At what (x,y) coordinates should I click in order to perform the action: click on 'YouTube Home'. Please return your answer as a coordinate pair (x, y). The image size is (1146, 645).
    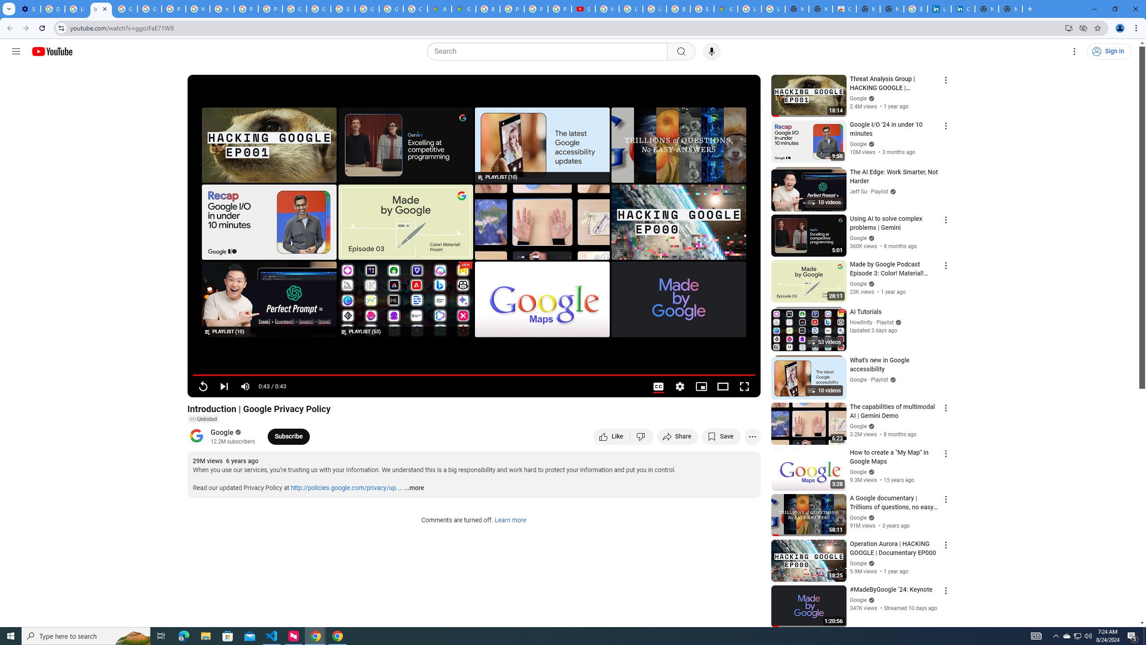
    Looking at the image, I should click on (51, 51).